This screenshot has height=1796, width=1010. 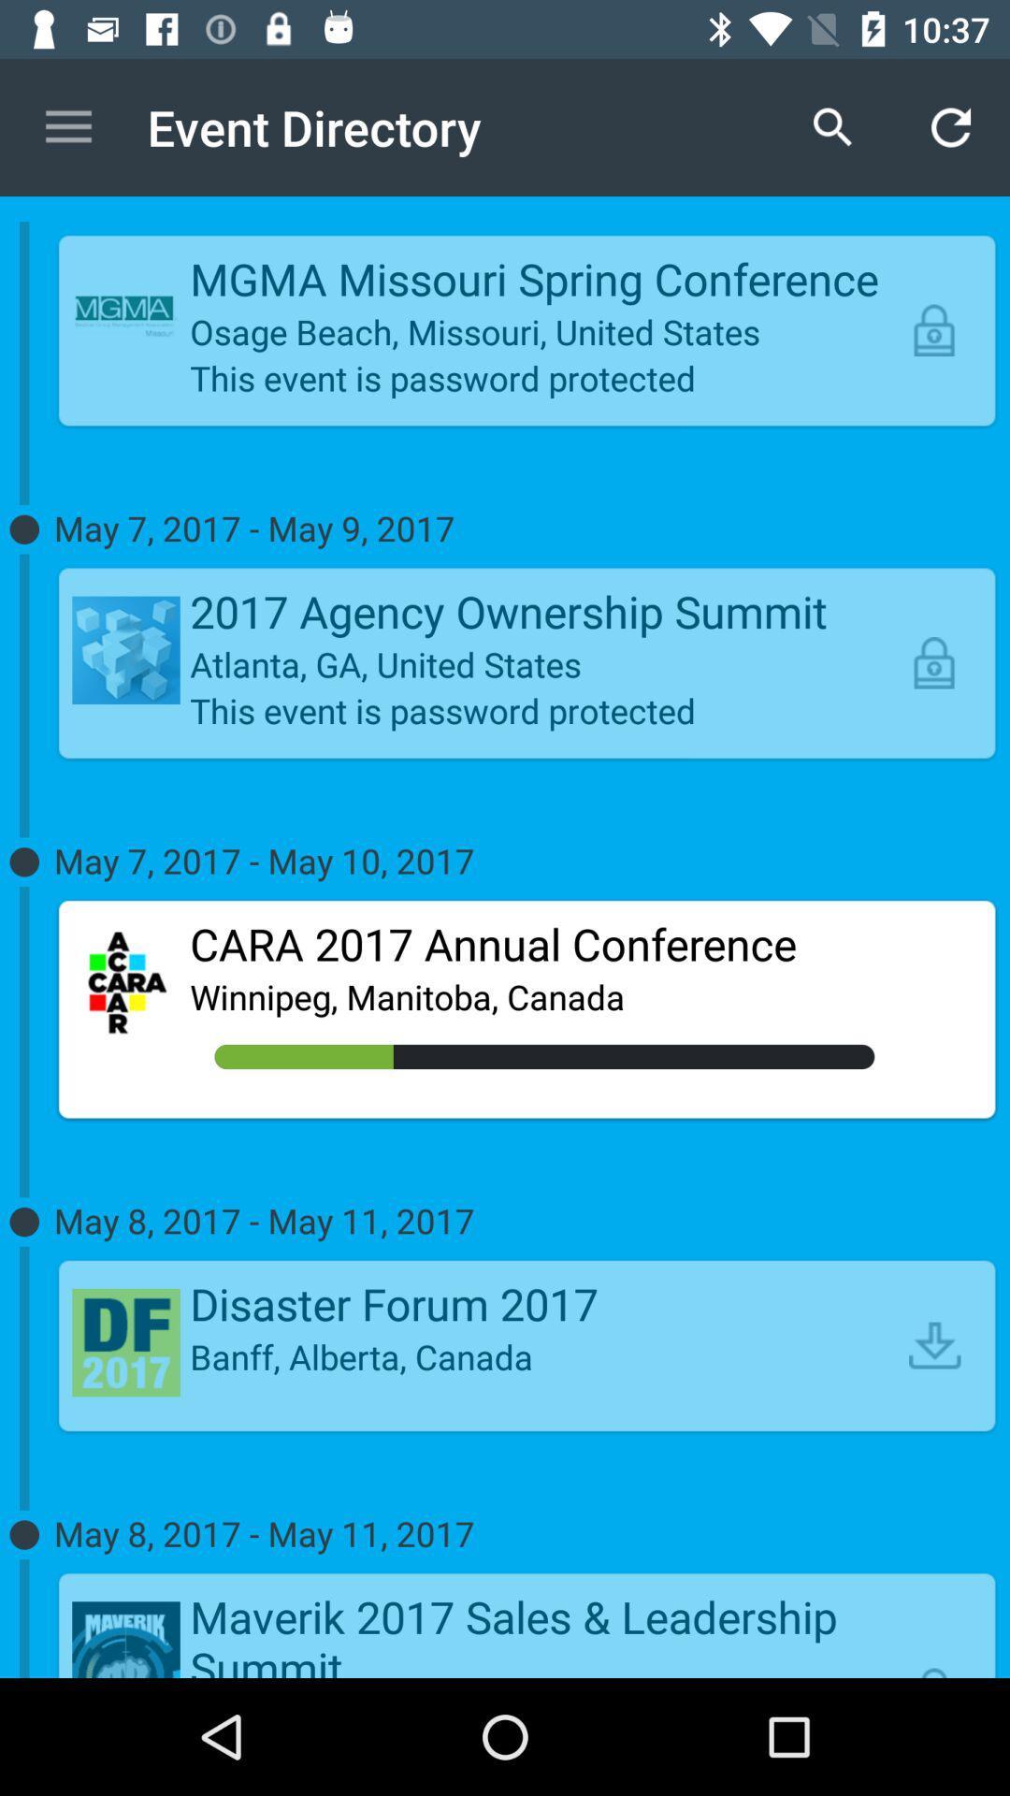 What do you see at coordinates (544, 1356) in the screenshot?
I see `the banff, alberta, canada` at bounding box center [544, 1356].